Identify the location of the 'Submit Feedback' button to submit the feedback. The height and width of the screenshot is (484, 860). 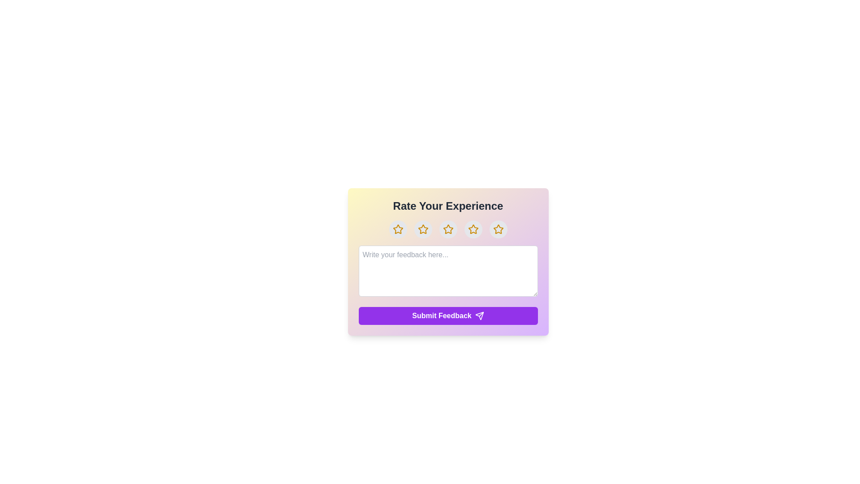
(448, 315).